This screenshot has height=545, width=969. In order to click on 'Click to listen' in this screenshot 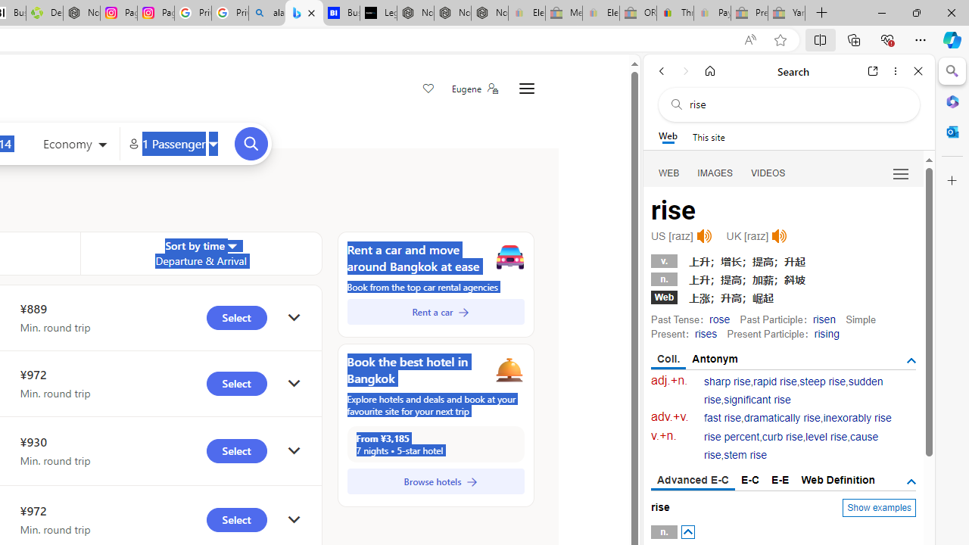, I will do `click(779, 236)`.